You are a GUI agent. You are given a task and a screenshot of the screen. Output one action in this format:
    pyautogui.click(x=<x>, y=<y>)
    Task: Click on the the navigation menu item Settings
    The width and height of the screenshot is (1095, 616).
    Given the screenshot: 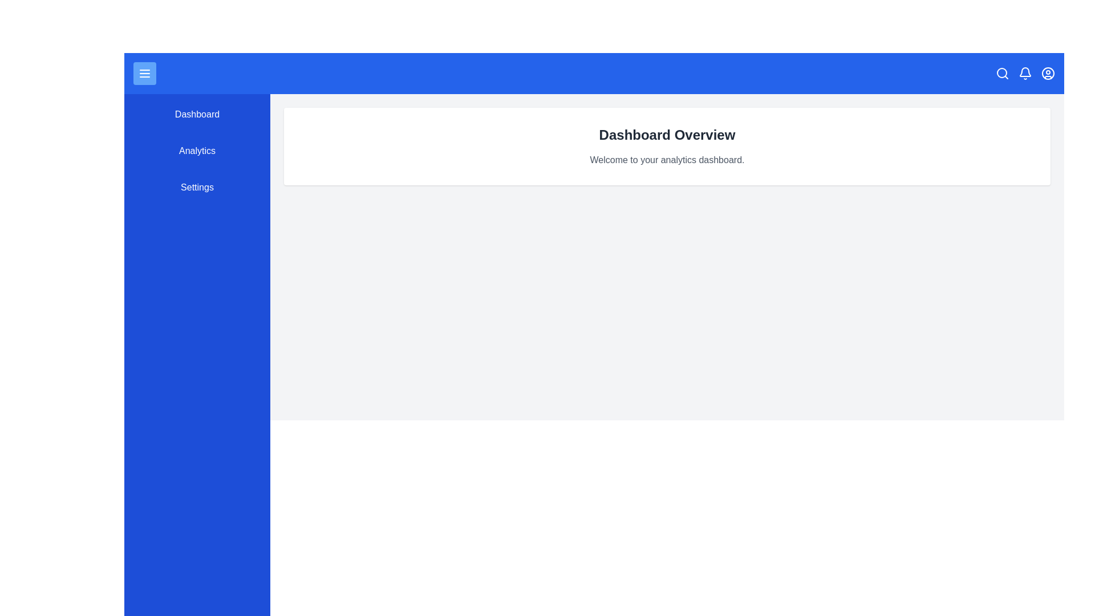 What is the action you would take?
    pyautogui.click(x=197, y=187)
    